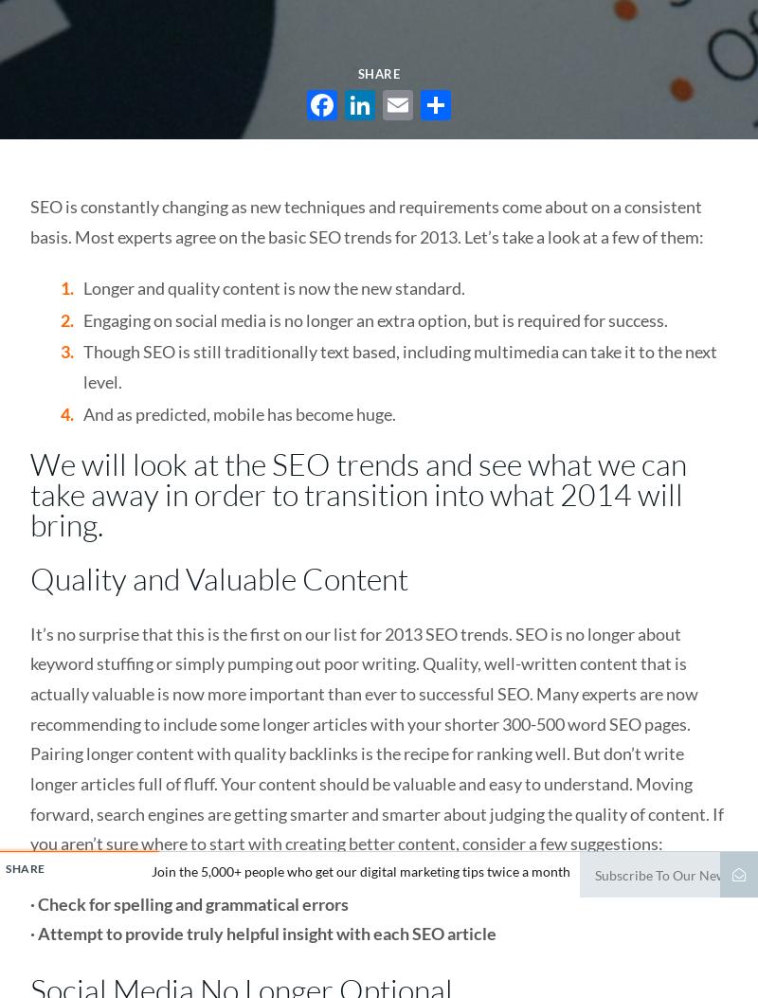 This screenshot has height=998, width=758. I want to click on 'Longer and quality content is now the new standard.', so click(274, 288).